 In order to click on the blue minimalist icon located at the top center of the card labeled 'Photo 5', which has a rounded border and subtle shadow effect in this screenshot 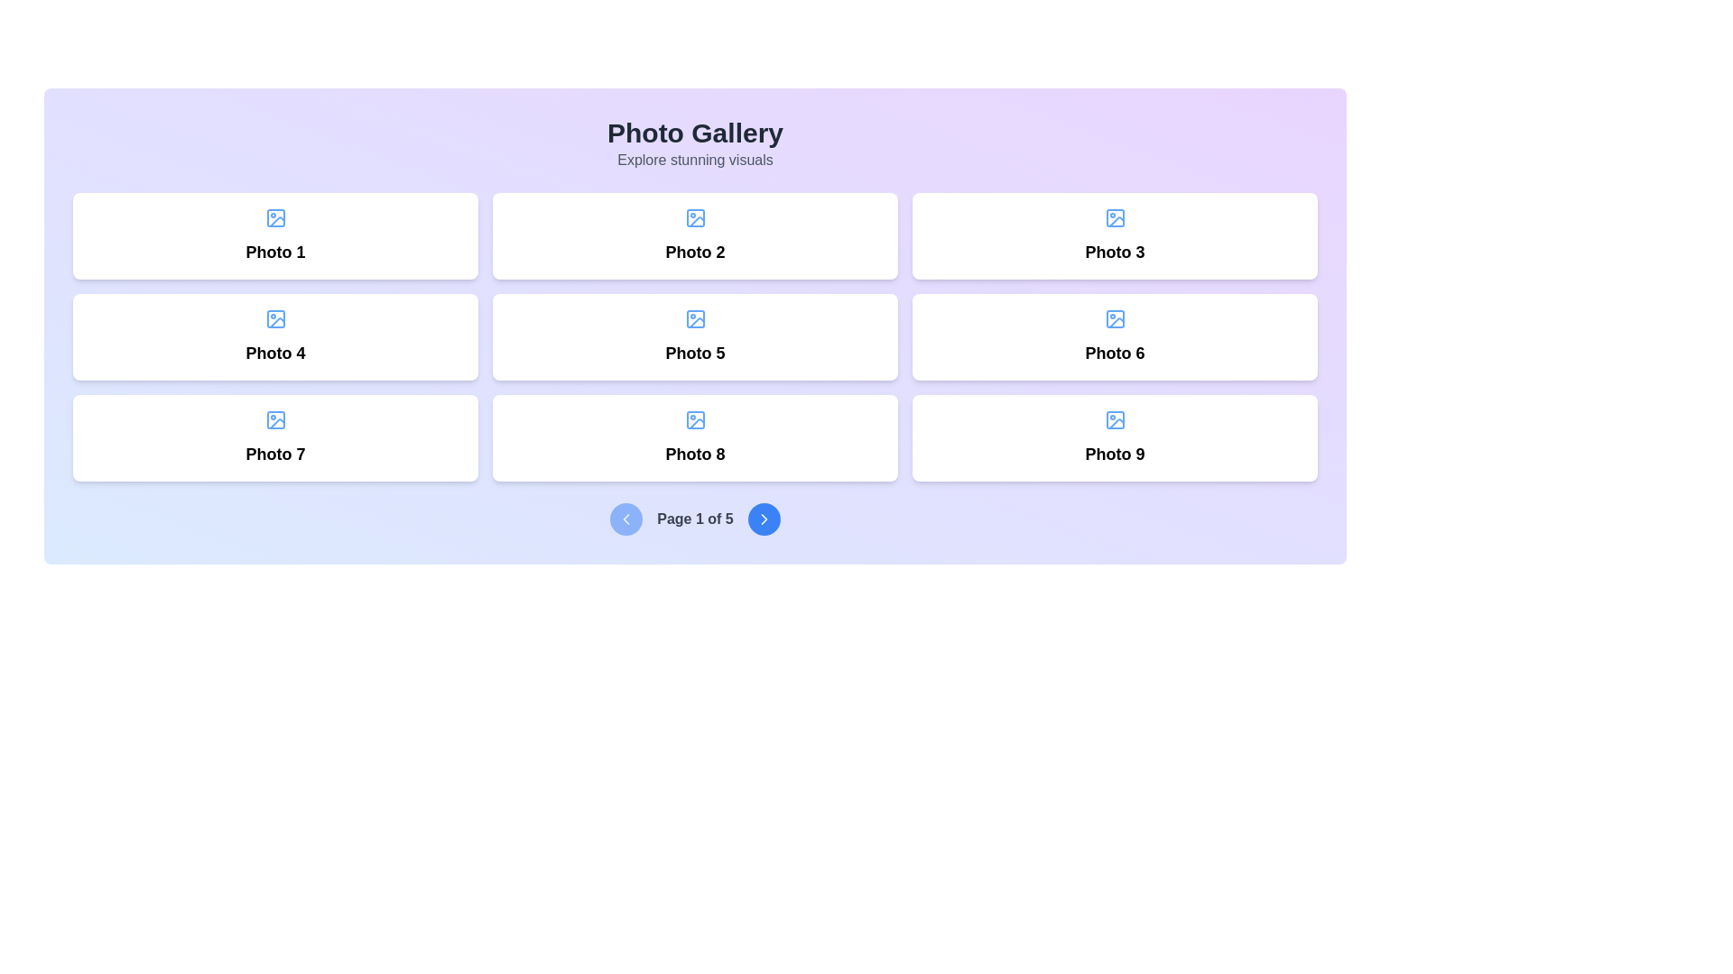, I will do `click(694, 318)`.